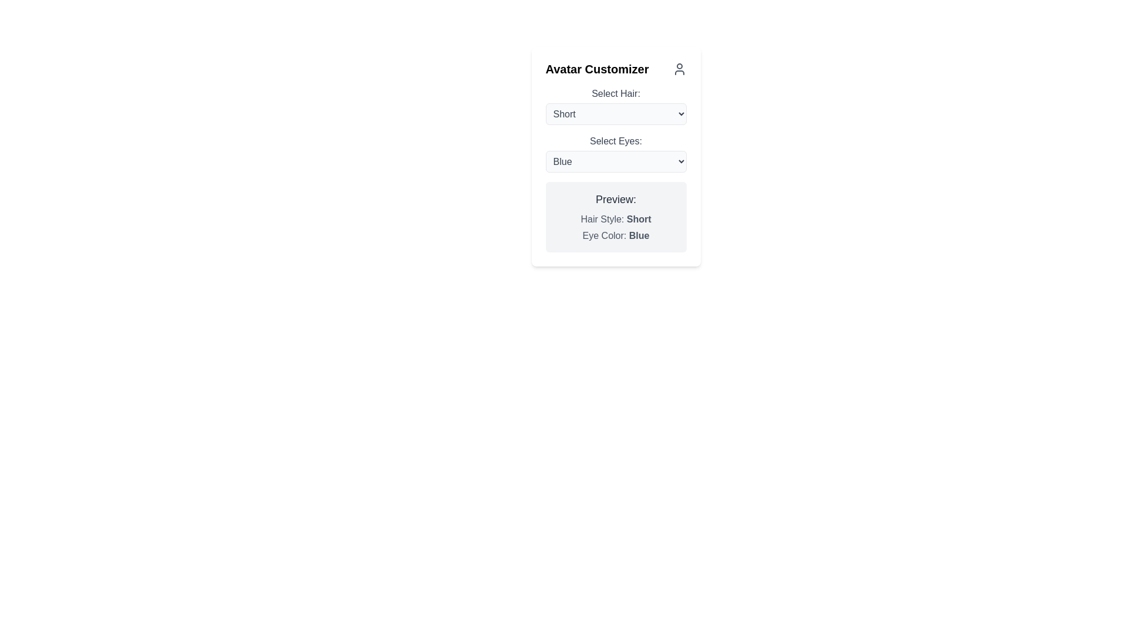  I want to click on the static text label displaying the option summary for 'Hair Style: Short', which is styled in gray with 'Short' in bold, located in the 'Preview:' section of the Avatar Customizer, so click(615, 220).